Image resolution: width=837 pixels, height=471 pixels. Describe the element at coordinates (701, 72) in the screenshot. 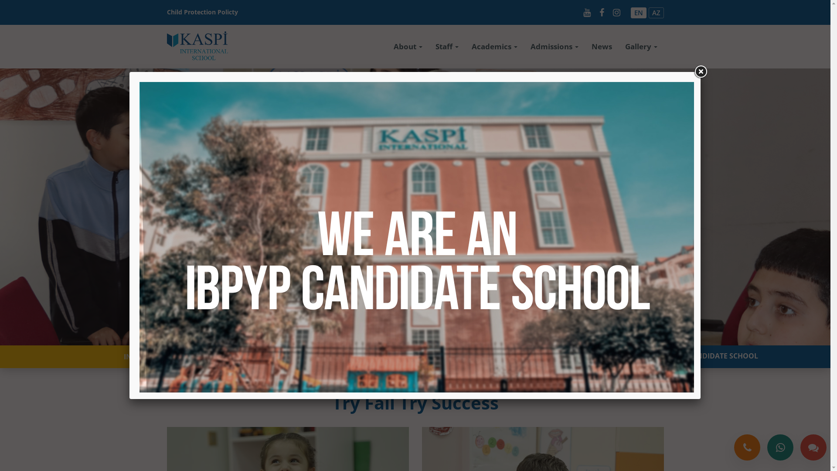

I see `'Close'` at that location.